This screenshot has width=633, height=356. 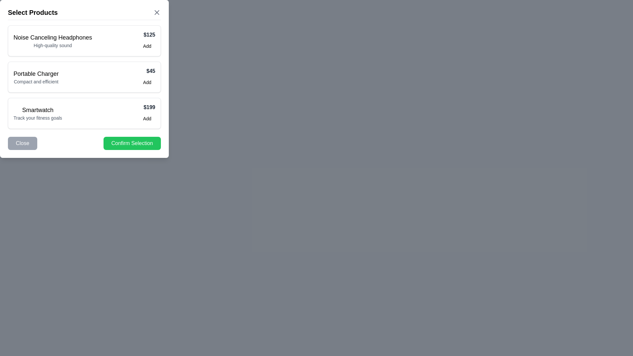 I want to click on the 'Confirm Selection' button, so click(x=132, y=143).